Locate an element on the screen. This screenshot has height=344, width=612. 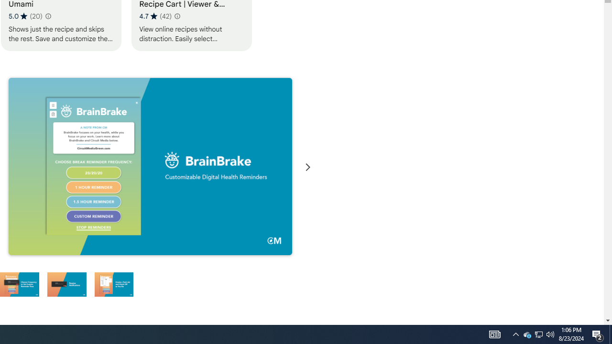
'Next slide' is located at coordinates (307, 167).